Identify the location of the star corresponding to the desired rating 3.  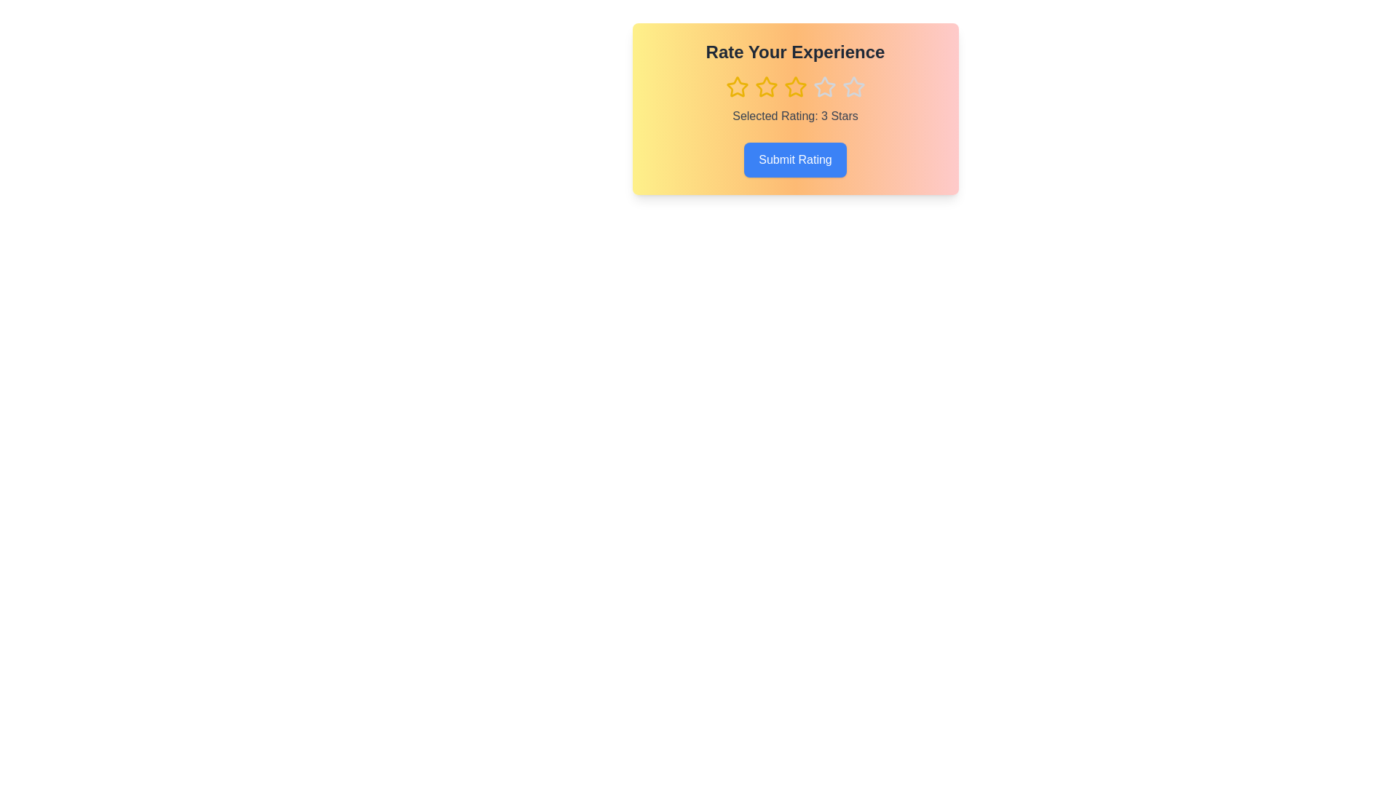
(794, 87).